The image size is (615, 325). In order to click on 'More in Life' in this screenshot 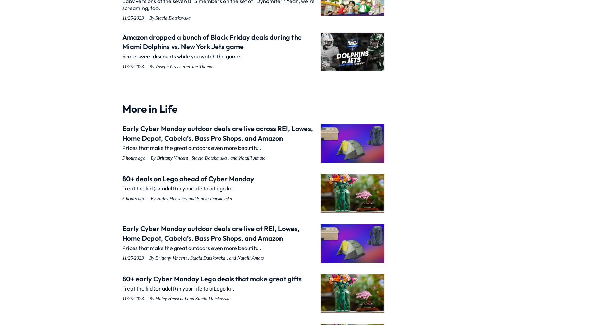, I will do `click(150, 109)`.